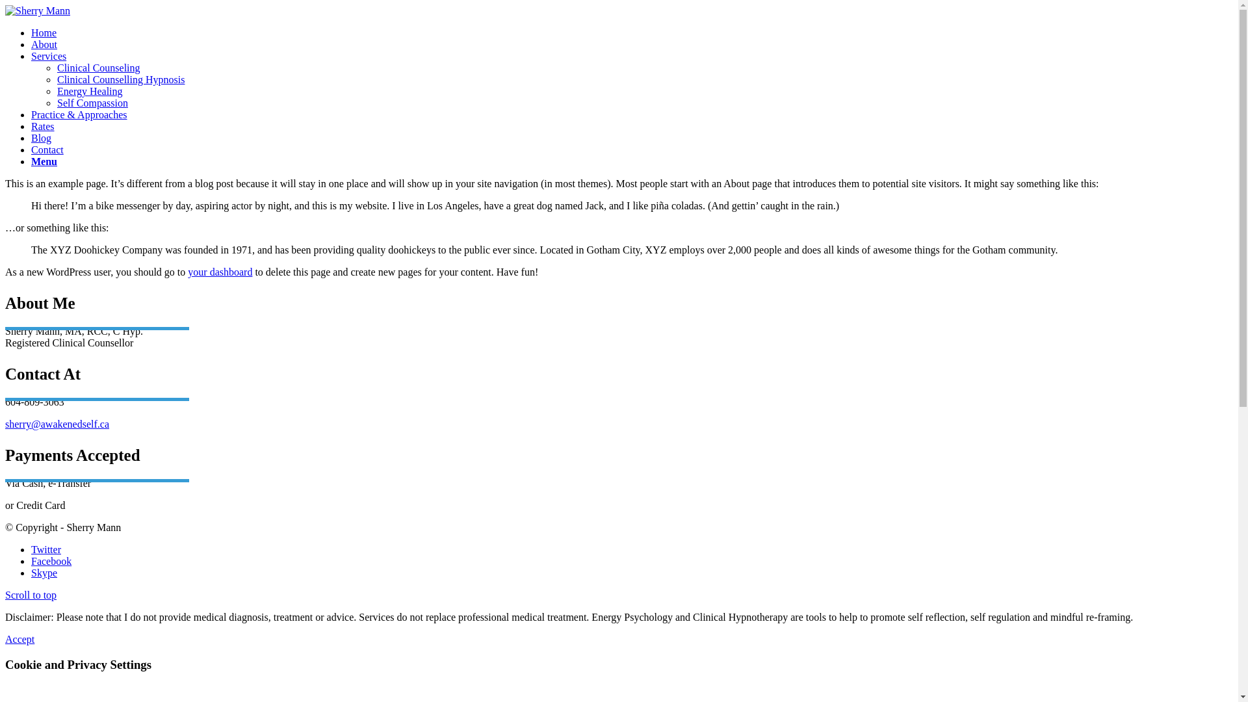  Describe the element at coordinates (41, 138) in the screenshot. I see `'Blog'` at that location.